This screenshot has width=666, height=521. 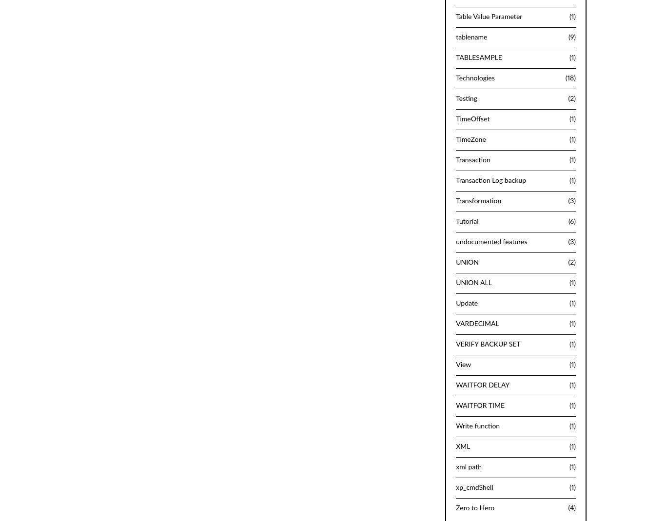 What do you see at coordinates (568, 221) in the screenshot?
I see `'(6)'` at bounding box center [568, 221].